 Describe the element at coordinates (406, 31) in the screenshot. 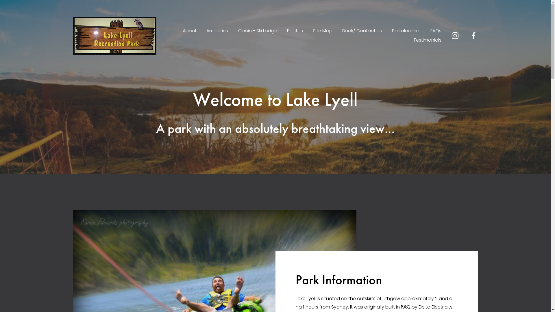

I see `'Portaloo hire'` at that location.